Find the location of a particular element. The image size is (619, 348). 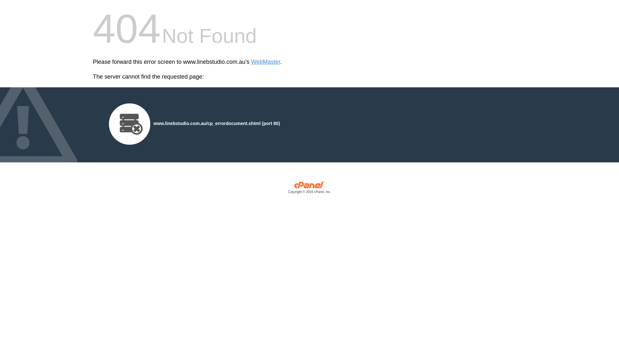

'WebMaster' is located at coordinates (266, 62).